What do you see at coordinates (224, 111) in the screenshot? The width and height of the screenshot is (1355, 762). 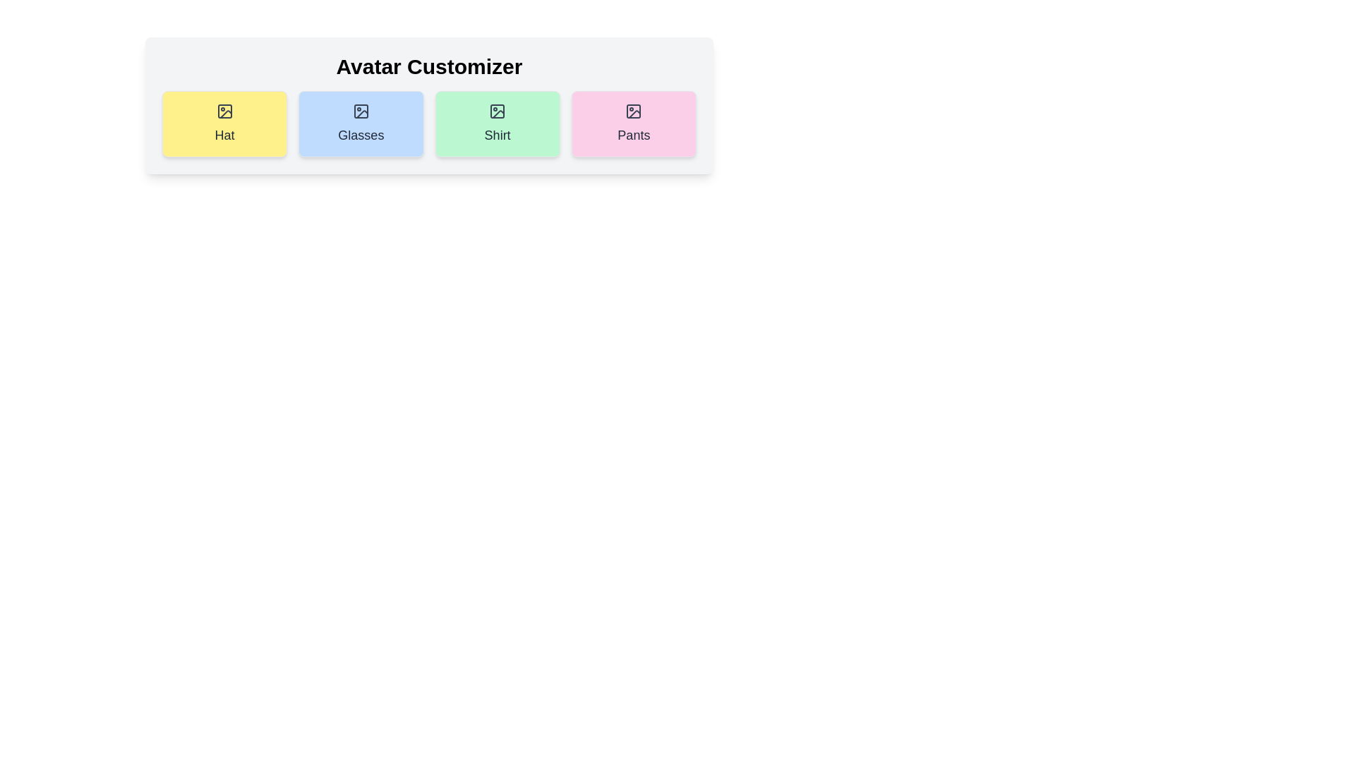 I see `the central square of the 'Hat' icon, which is the first image icon in a horizontal list of four icons` at bounding box center [224, 111].